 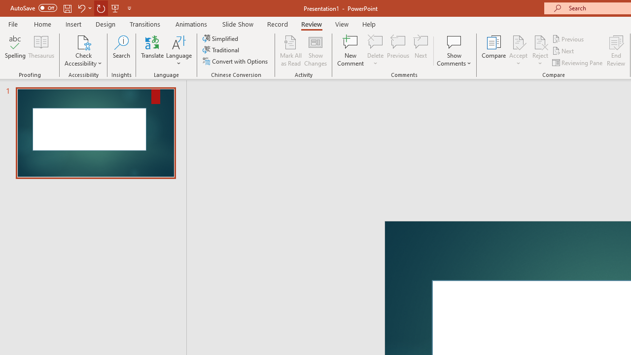 I want to click on 'Thesaurus...', so click(x=40, y=51).